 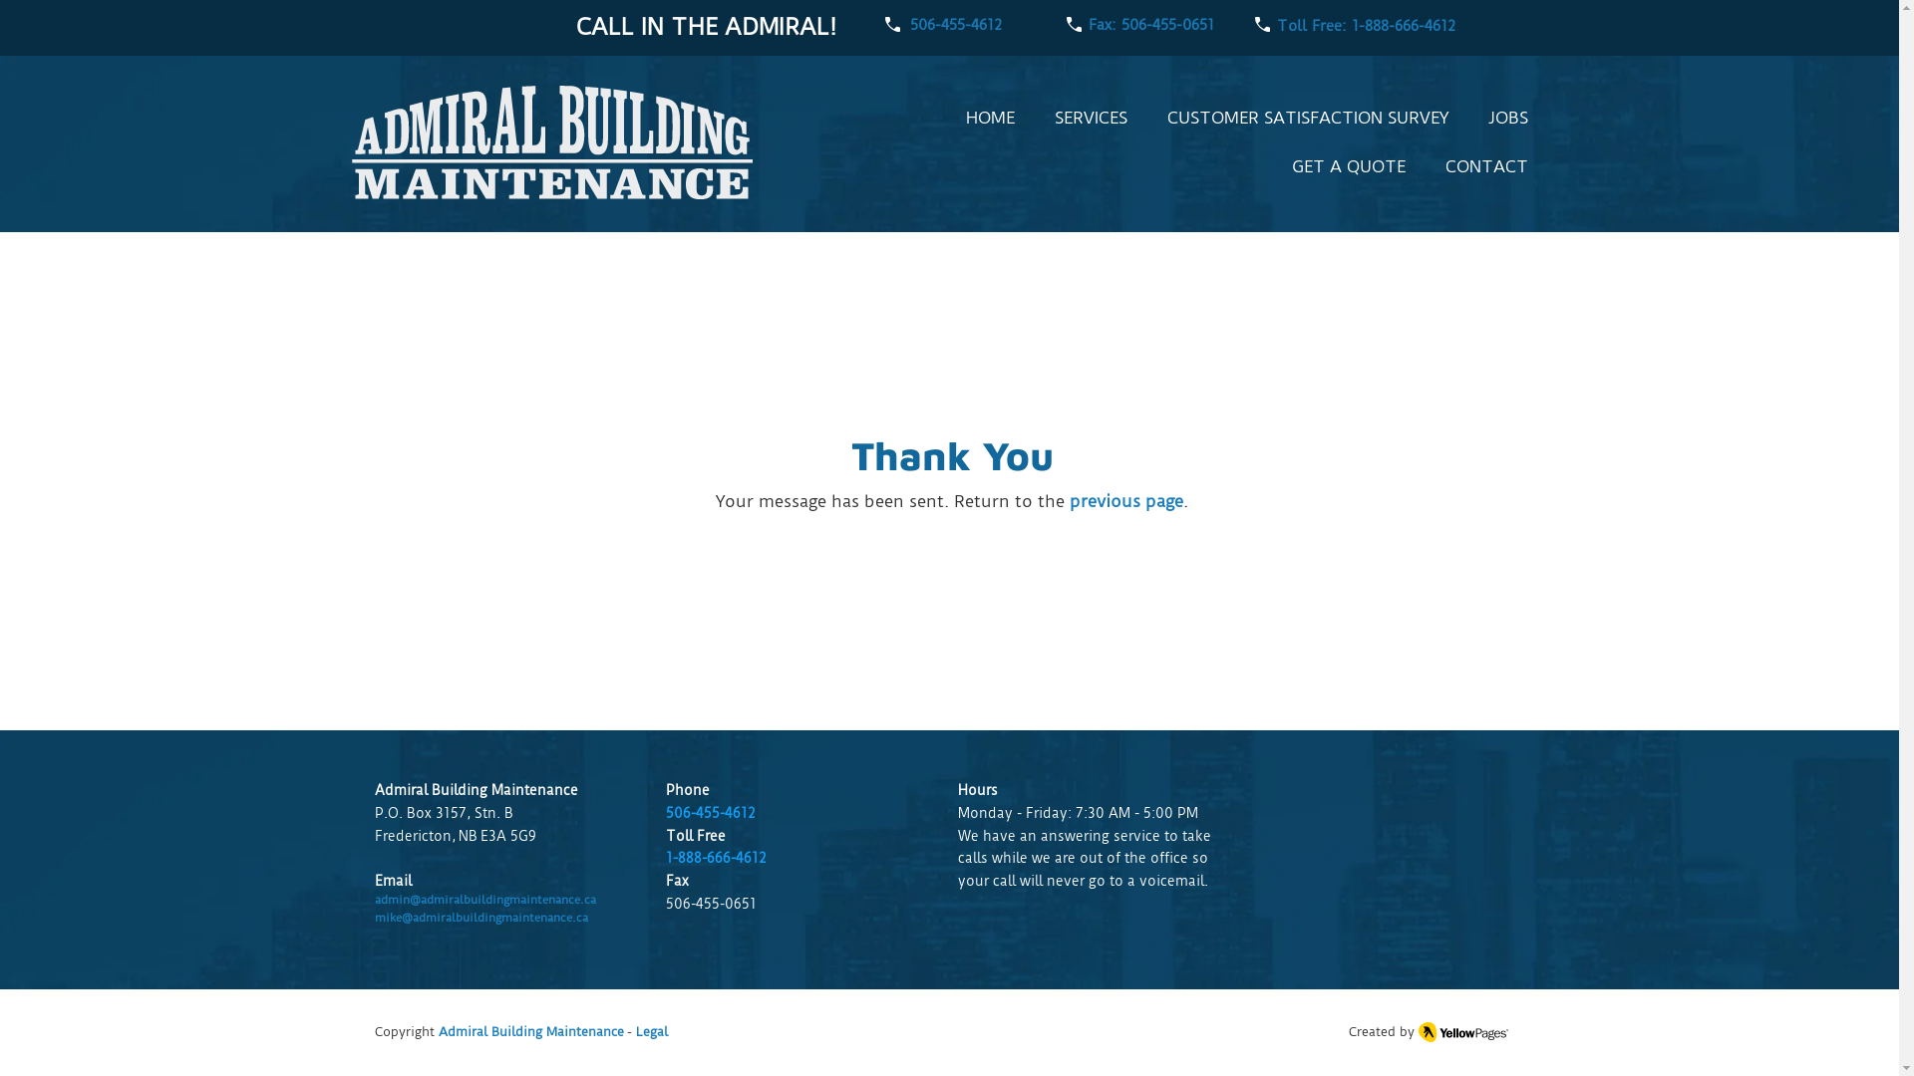 I want to click on 'CONTACT', so click(x=1486, y=165).